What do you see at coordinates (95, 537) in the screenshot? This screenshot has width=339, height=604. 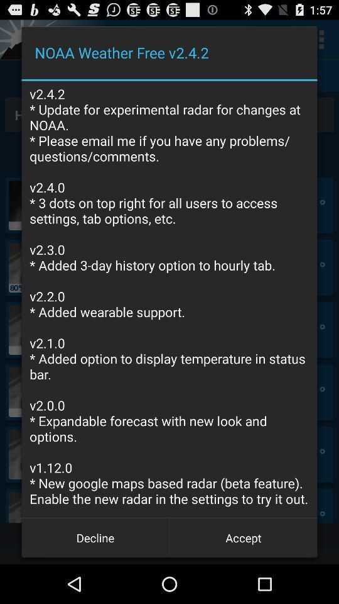 I see `the icon below the v2 4 2 app` at bounding box center [95, 537].